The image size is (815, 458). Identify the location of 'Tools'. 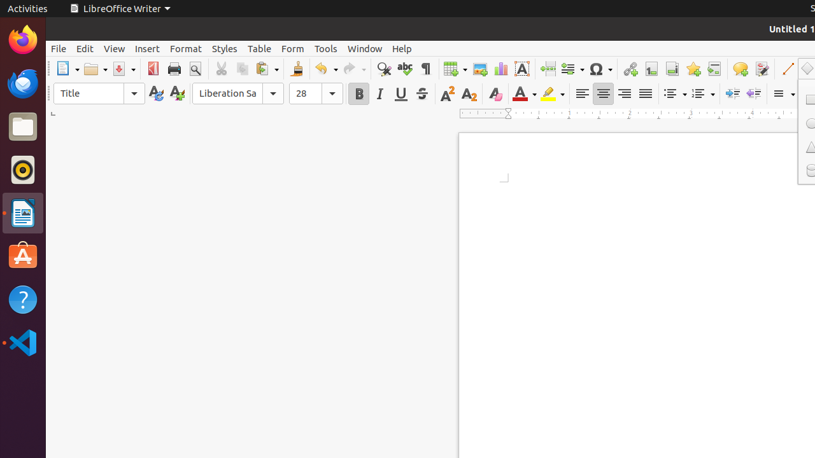
(326, 48).